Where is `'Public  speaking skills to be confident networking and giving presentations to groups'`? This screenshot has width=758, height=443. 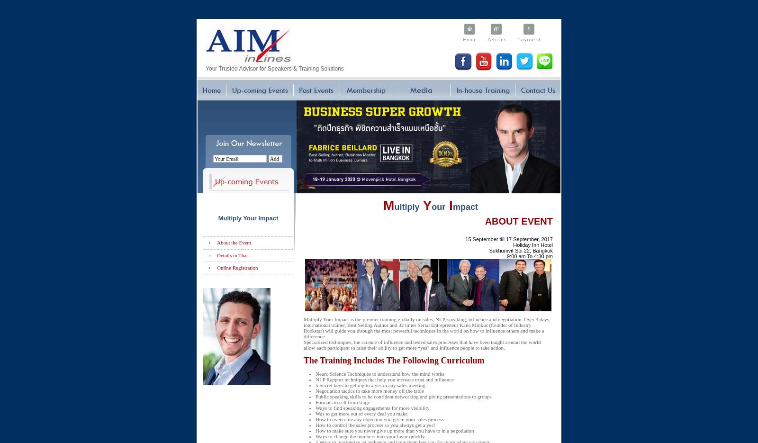 'Public  speaking skills to be confident networking and giving presentations to groups' is located at coordinates (316, 397).